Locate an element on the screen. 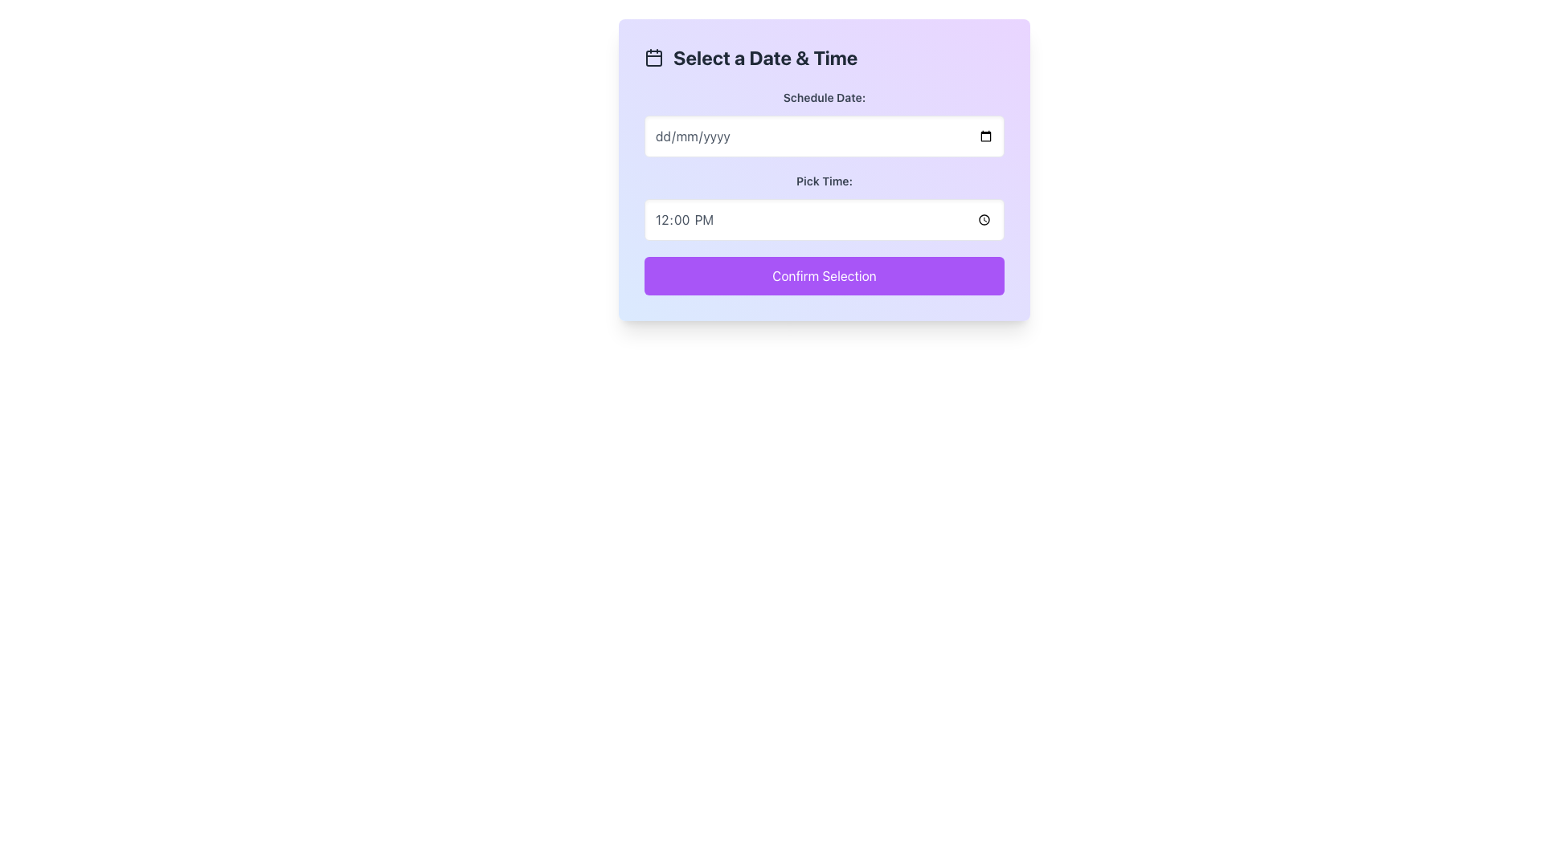 This screenshot has width=1543, height=867. the date selection icon positioned to the left of the 'Select a Date & Time' section title is located at coordinates (654, 57).